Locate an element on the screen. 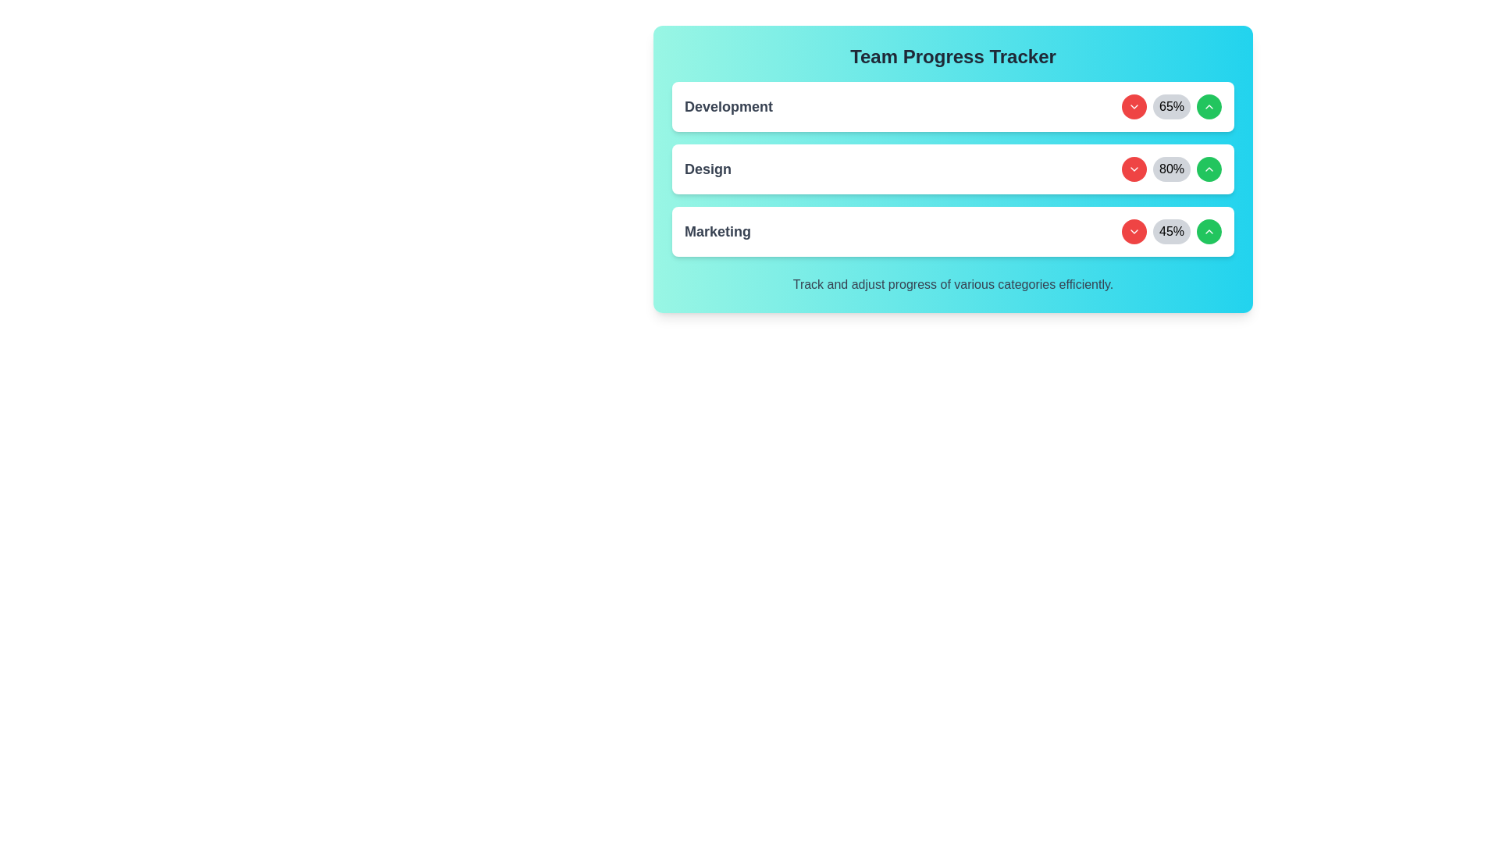 This screenshot has width=1499, height=843. the static text display that shows the current progress percentage for the 'Development' category, located between the red and green circular buttons is located at coordinates (1172, 106).